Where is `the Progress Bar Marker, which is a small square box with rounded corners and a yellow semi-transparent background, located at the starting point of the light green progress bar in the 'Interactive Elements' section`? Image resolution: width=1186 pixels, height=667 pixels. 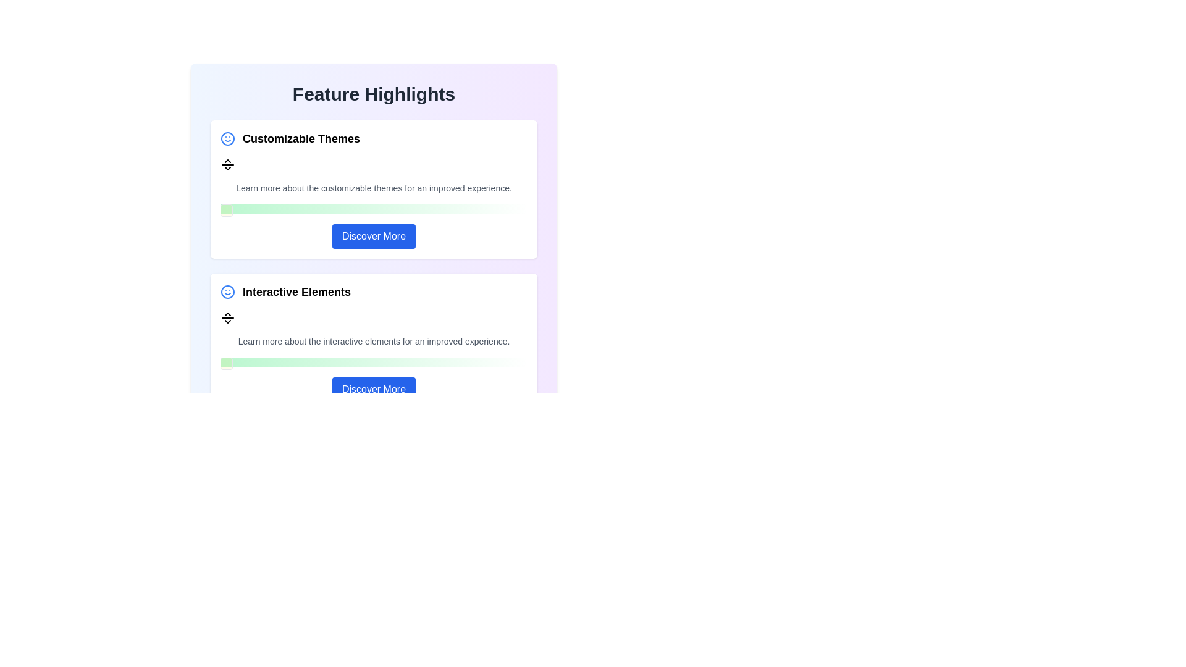
the Progress Bar Marker, which is a small square box with rounded corners and a yellow semi-transparent background, located at the starting point of the light green progress bar in the 'Interactive Elements' section is located at coordinates (226, 363).